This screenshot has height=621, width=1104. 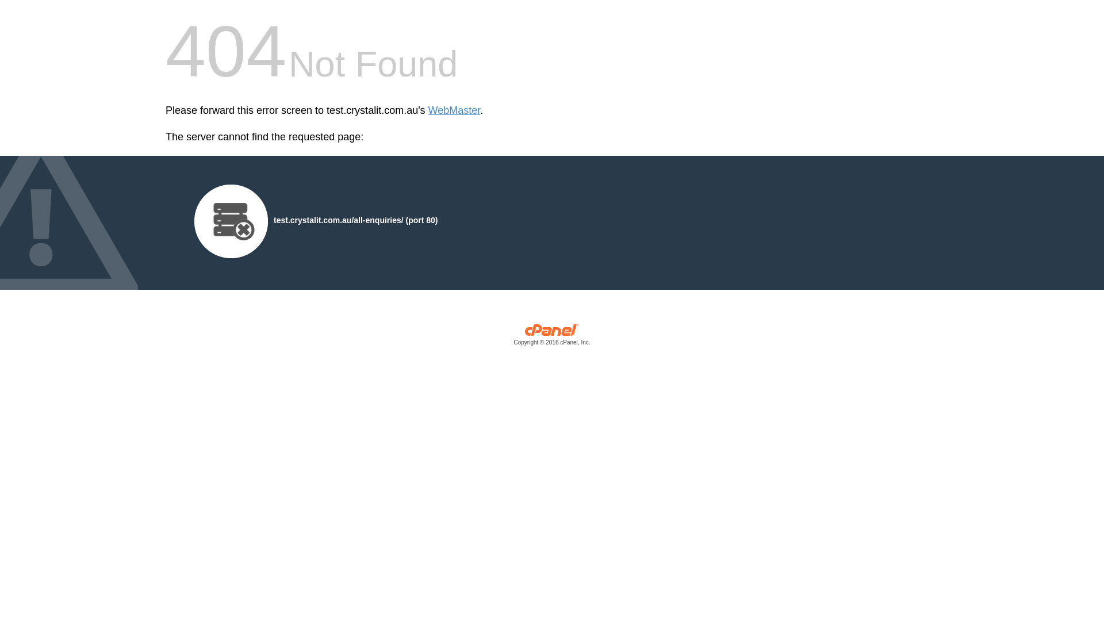 I want to click on 'WebMaster', so click(x=454, y=110).